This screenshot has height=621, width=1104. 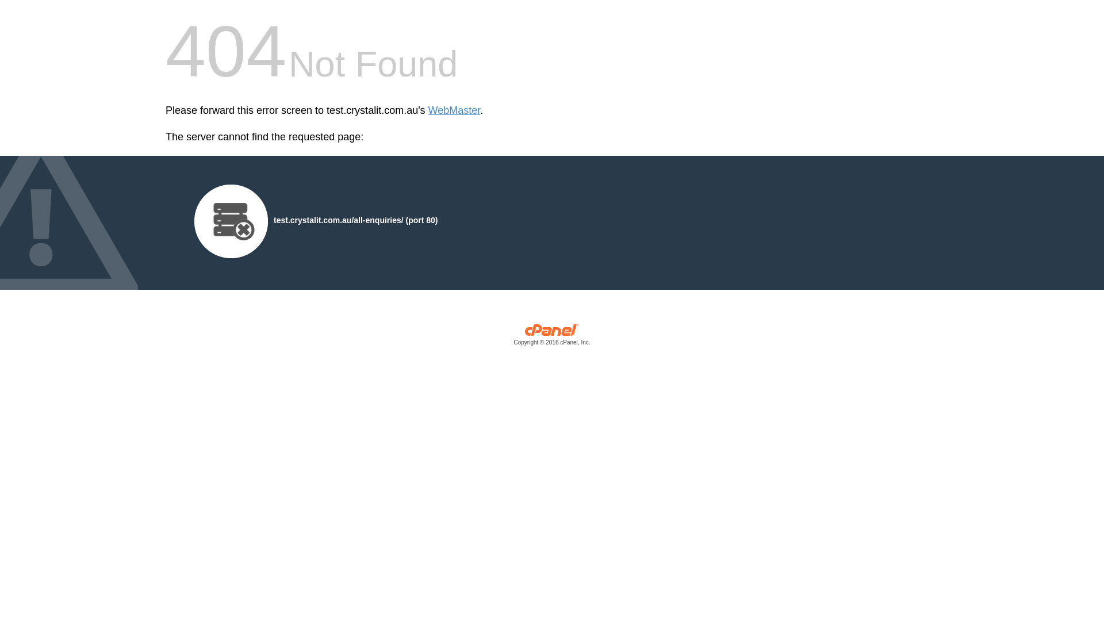 I want to click on 'WebMaster', so click(x=454, y=110).